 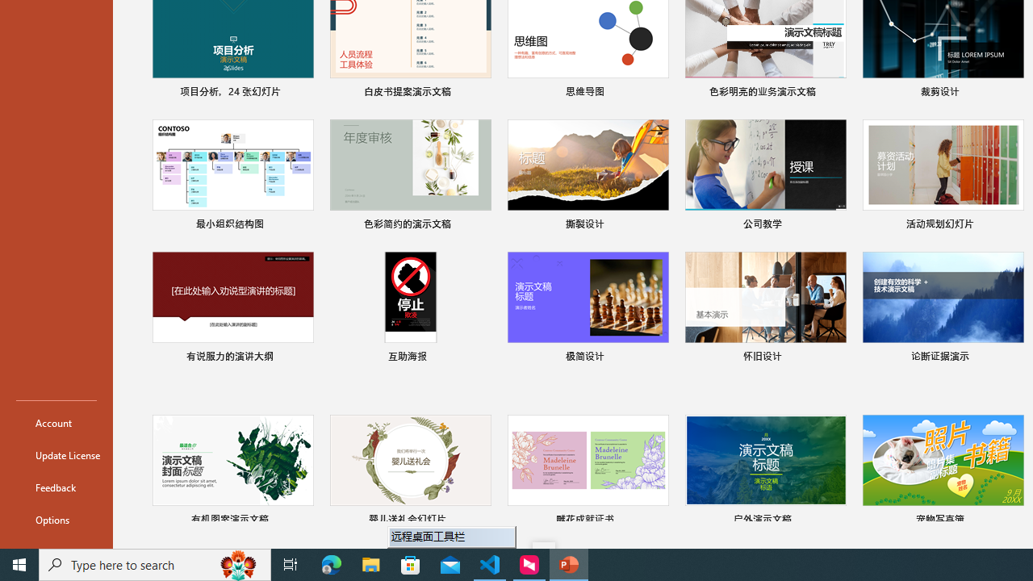 I want to click on 'Feedback', so click(x=56, y=487).